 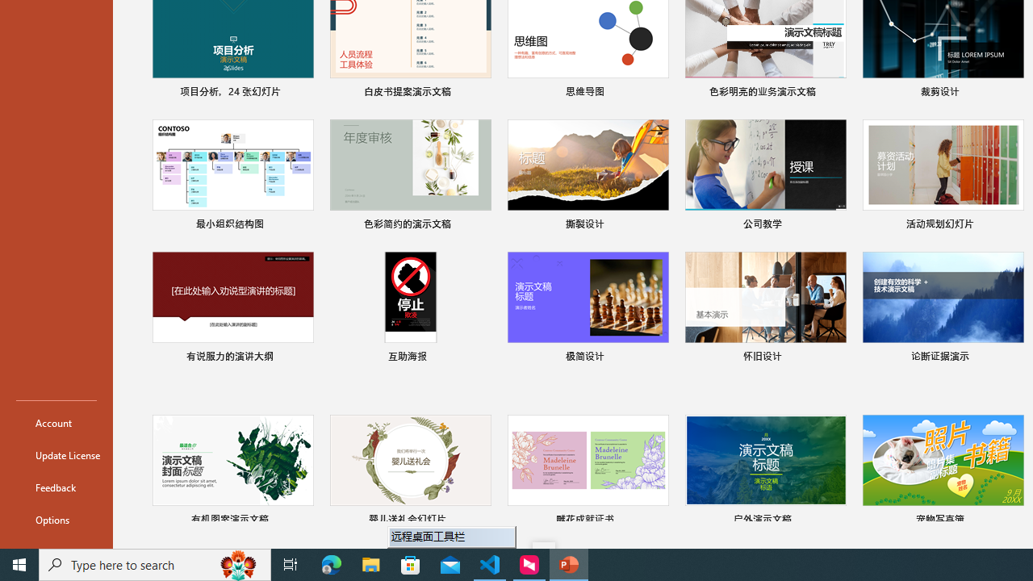 I want to click on 'Feedback', so click(x=56, y=487).